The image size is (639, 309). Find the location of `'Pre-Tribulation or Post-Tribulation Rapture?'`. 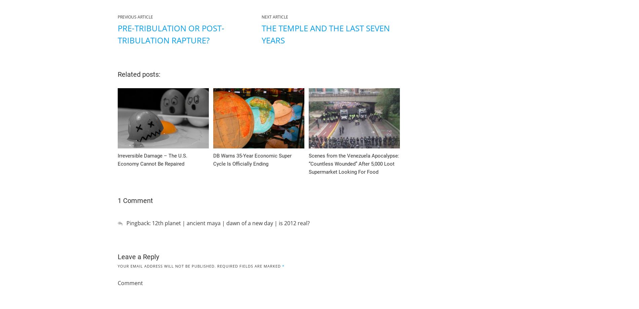

'Pre-Tribulation or Post-Tribulation Rapture?' is located at coordinates (171, 34).